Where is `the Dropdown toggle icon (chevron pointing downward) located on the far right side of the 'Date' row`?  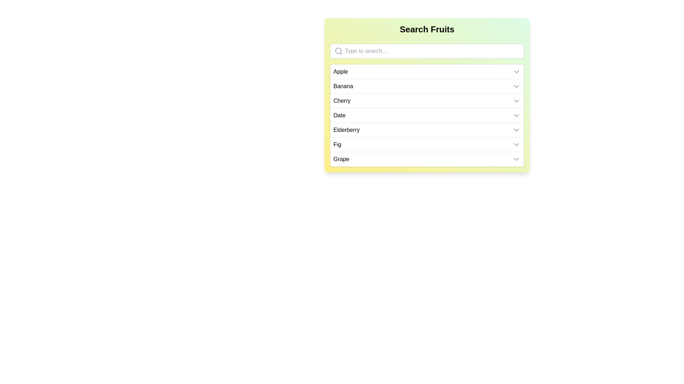
the Dropdown toggle icon (chevron pointing downward) located on the far right side of the 'Date' row is located at coordinates (516, 115).